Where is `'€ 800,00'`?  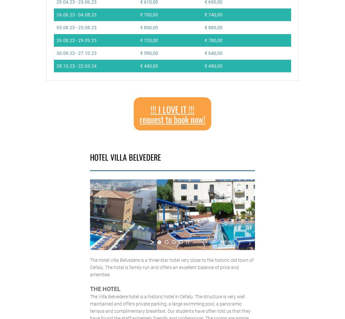 '€ 800,00' is located at coordinates (149, 27).